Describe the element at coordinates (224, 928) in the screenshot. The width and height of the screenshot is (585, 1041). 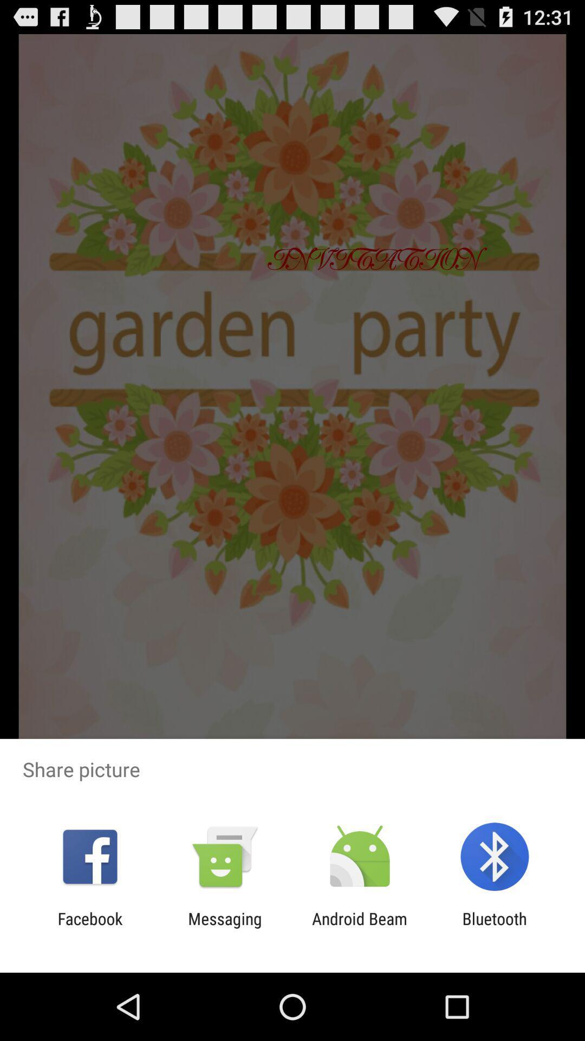
I see `the app to the right of facebook` at that location.